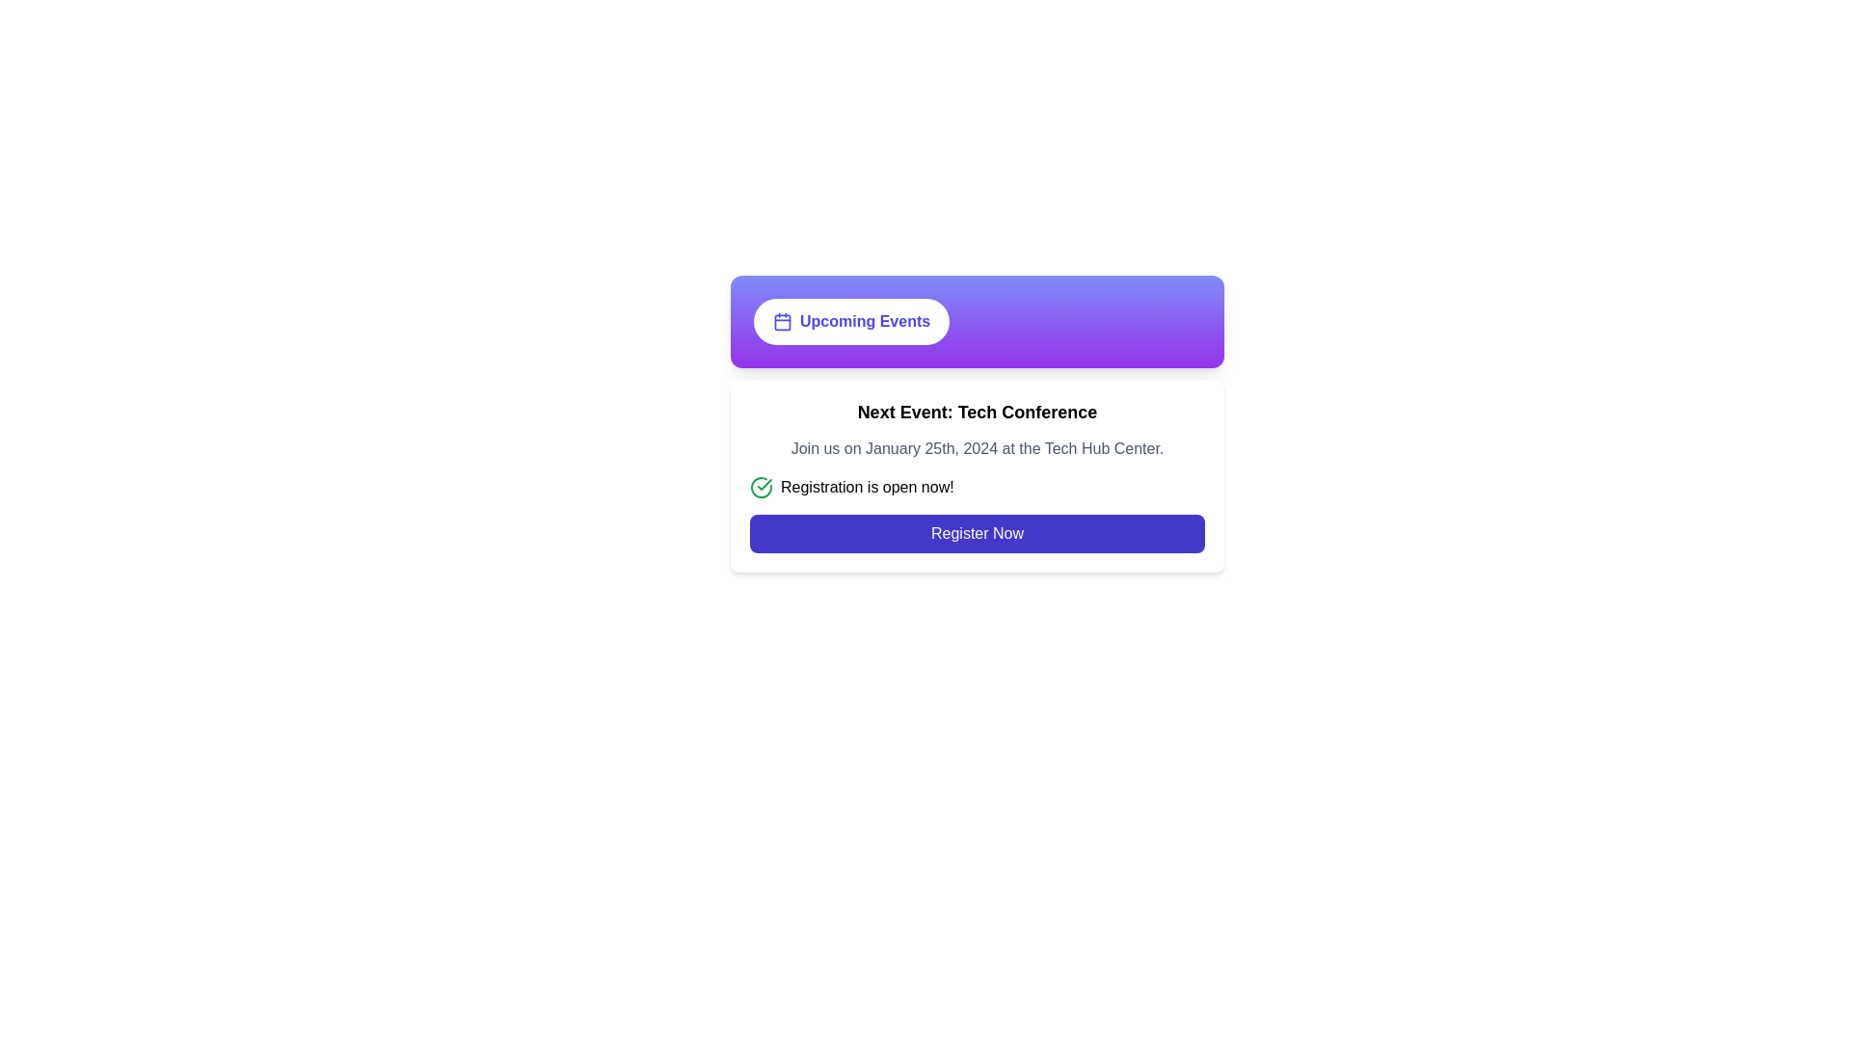 The height and width of the screenshot is (1041, 1851). What do you see at coordinates (761, 486) in the screenshot?
I see `the circular green icon with a checkmark at its center, which symbolizes confirmation or success, located to the left of the text 'Registration is open now!'` at bounding box center [761, 486].